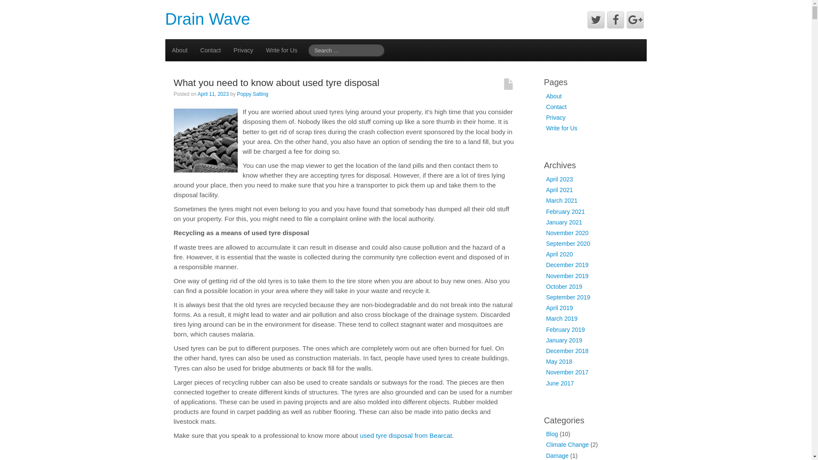 This screenshot has width=818, height=460. What do you see at coordinates (560, 382) in the screenshot?
I see `'June 2017'` at bounding box center [560, 382].